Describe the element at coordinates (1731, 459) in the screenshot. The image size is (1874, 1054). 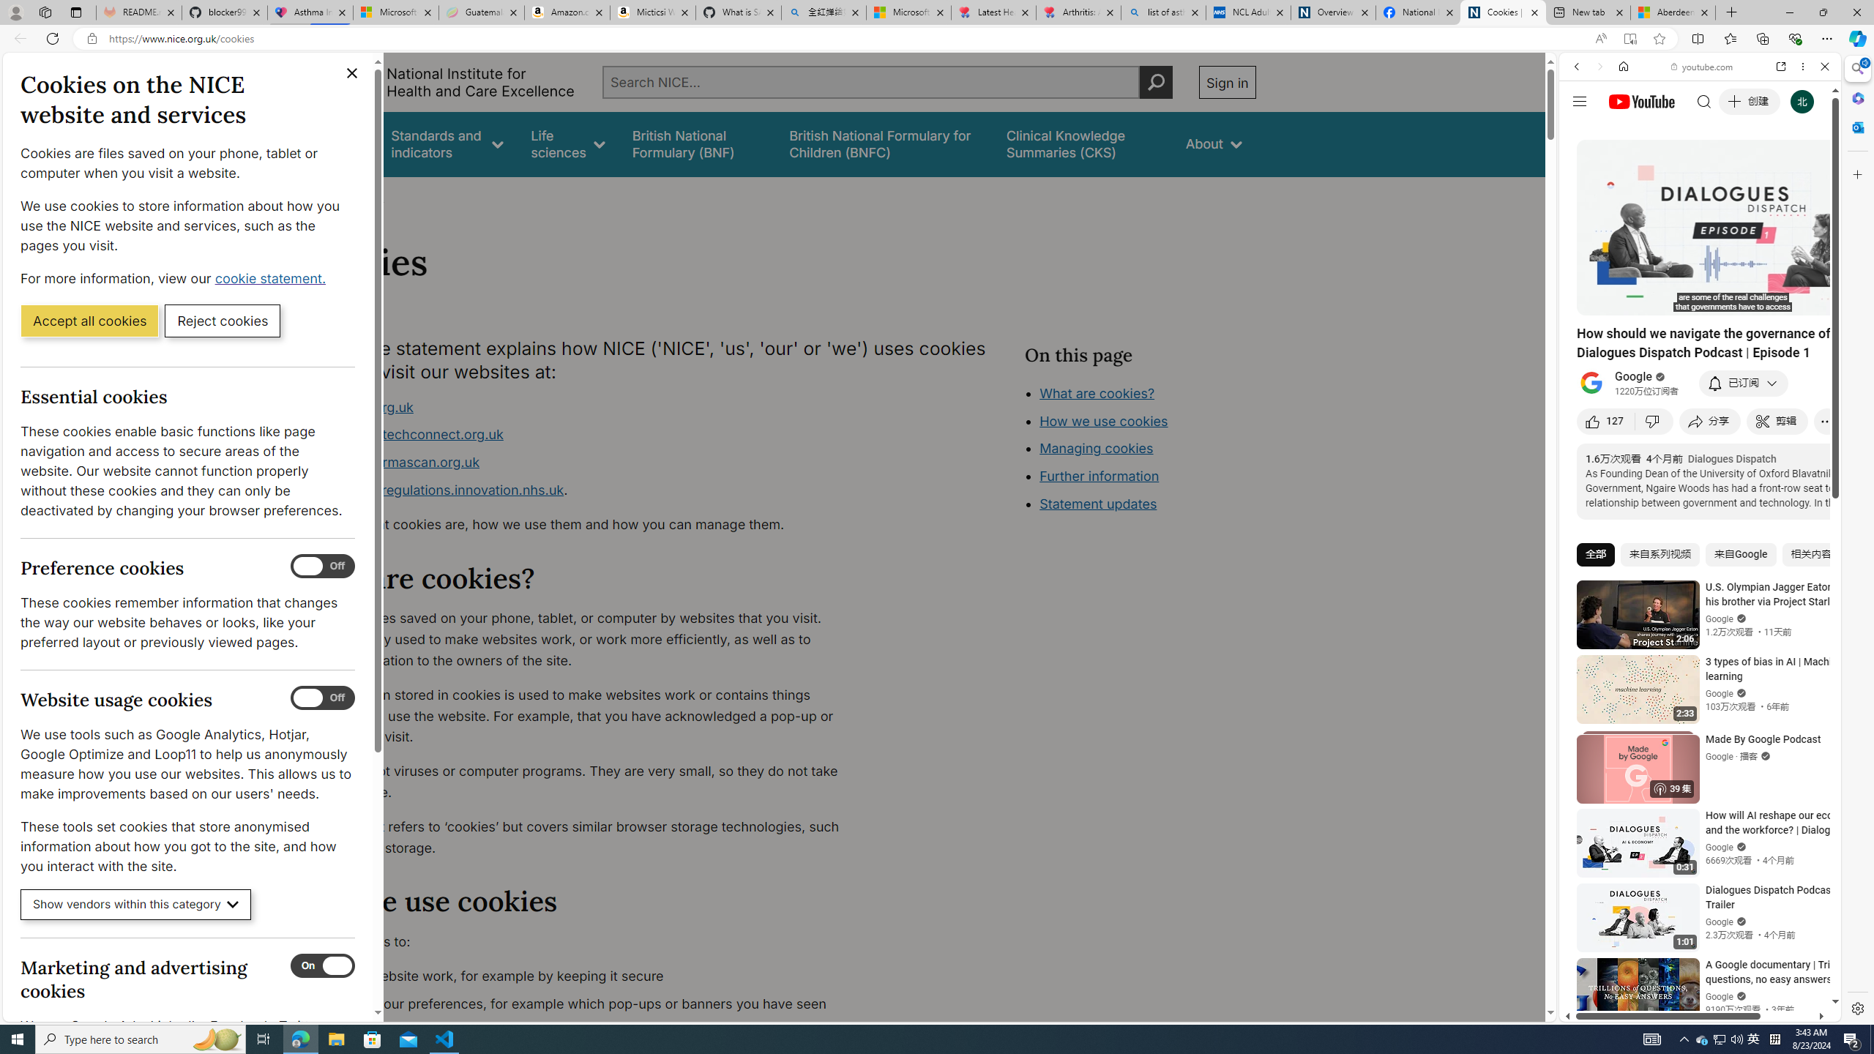
I see `'Dialogues Dispatch'` at that location.